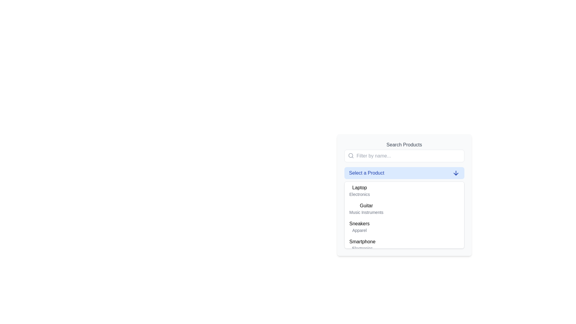 This screenshot has width=576, height=324. I want to click on the fourth list item in the dropdown menu labeled 'Smartphone', so click(404, 245).